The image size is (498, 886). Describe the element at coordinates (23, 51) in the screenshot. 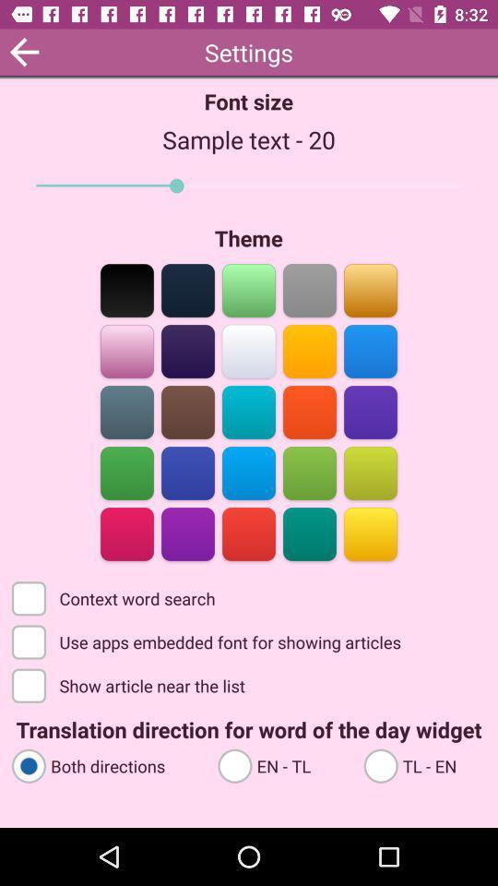

I see `the arrow_backward icon` at that location.